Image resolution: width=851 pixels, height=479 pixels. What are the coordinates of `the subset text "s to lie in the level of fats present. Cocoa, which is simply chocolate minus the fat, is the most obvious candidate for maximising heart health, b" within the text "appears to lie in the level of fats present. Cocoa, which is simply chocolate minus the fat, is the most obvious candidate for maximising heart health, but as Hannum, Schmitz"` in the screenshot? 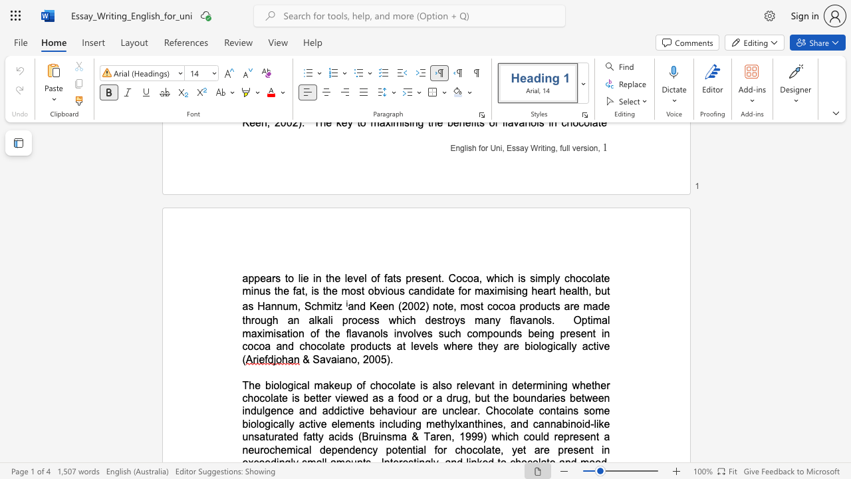 It's located at (275, 277).